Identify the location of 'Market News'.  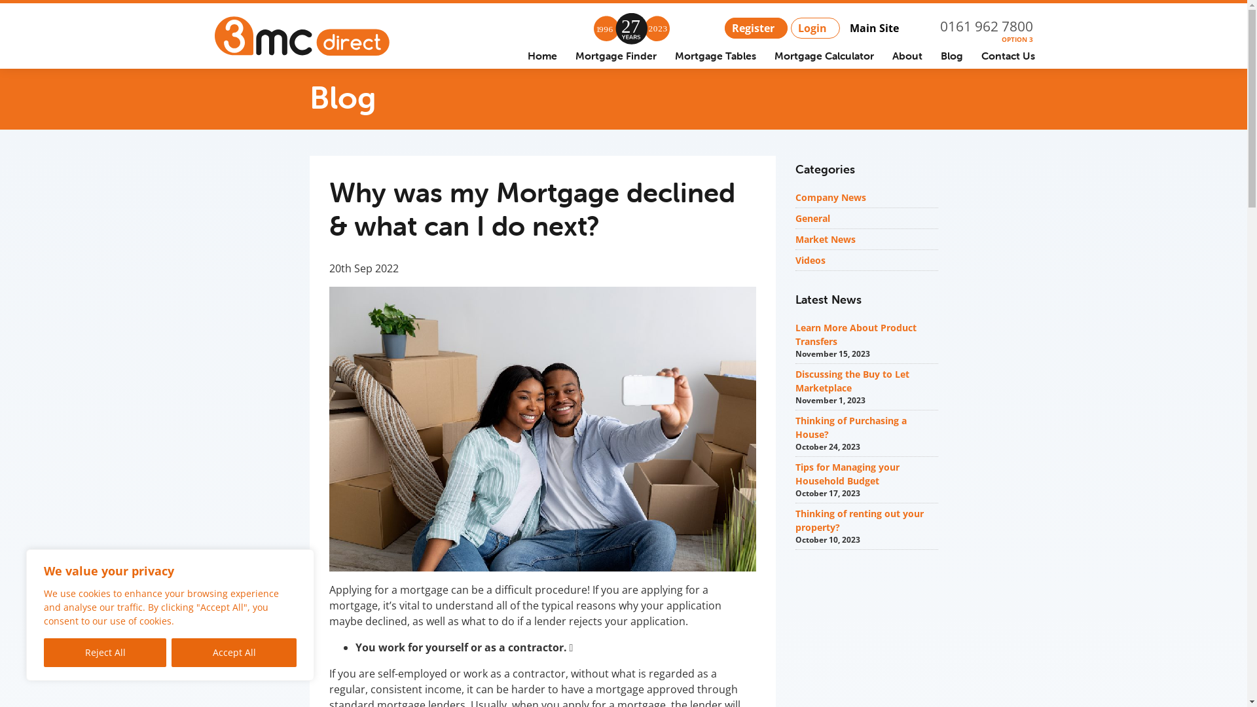
(825, 239).